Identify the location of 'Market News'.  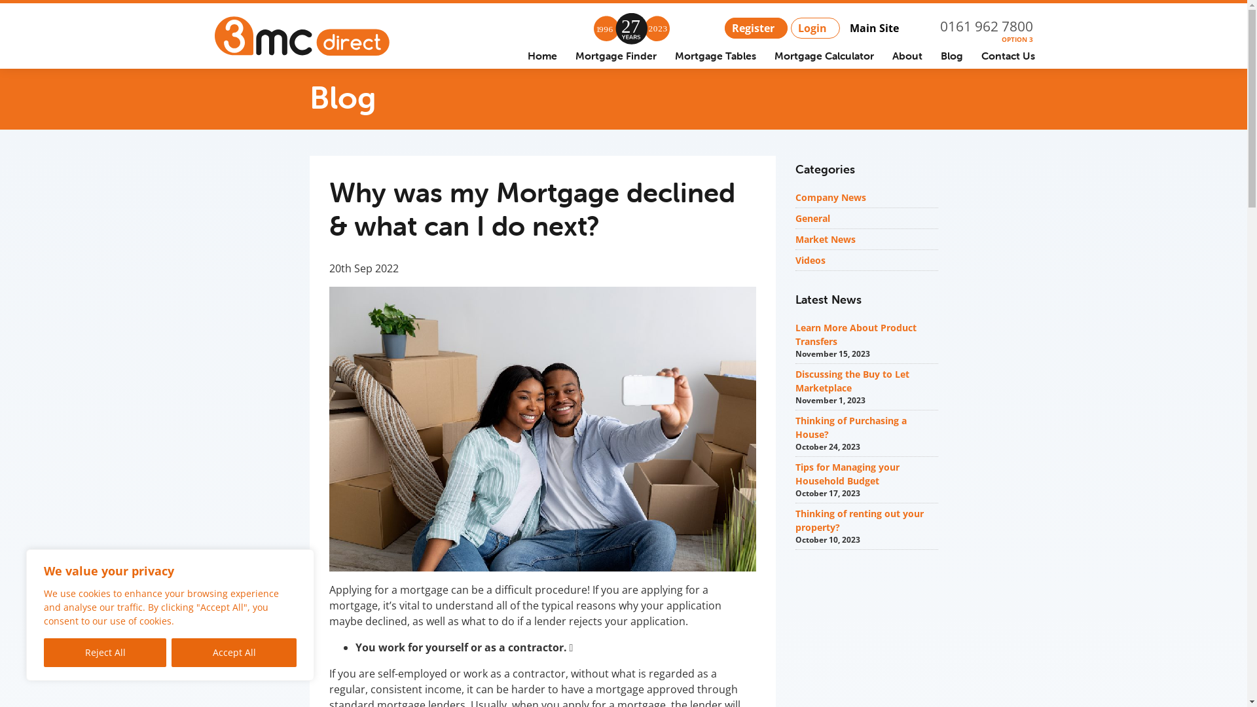
(825, 239).